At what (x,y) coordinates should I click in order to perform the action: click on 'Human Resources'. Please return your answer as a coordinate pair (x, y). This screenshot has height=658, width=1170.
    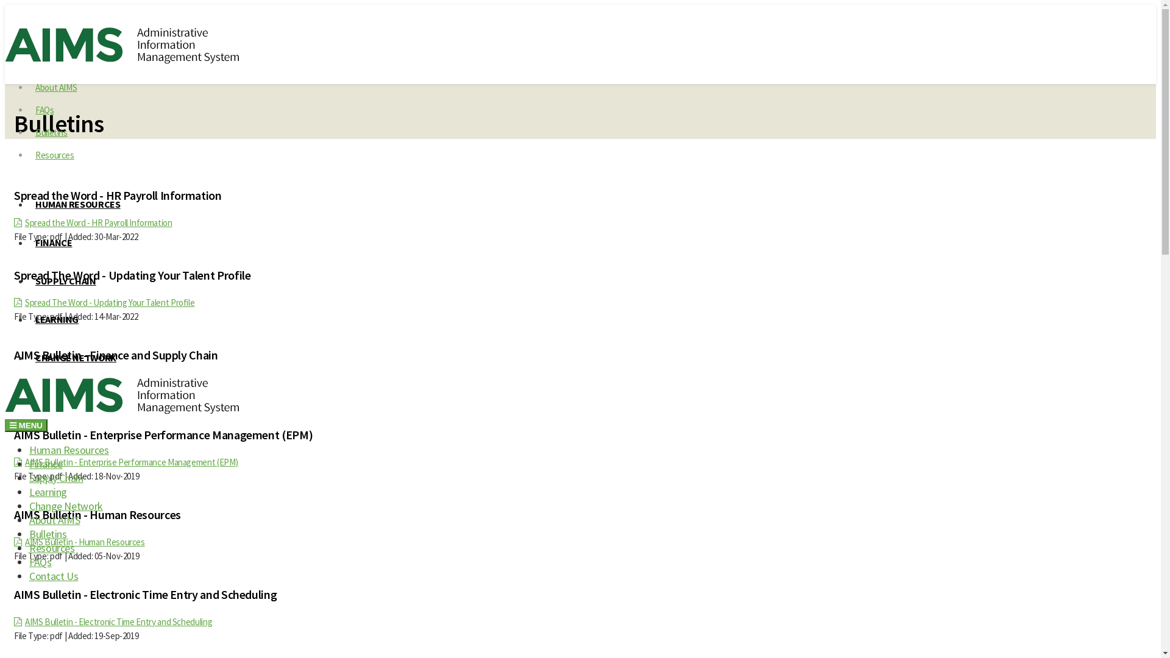
    Looking at the image, I should click on (29, 450).